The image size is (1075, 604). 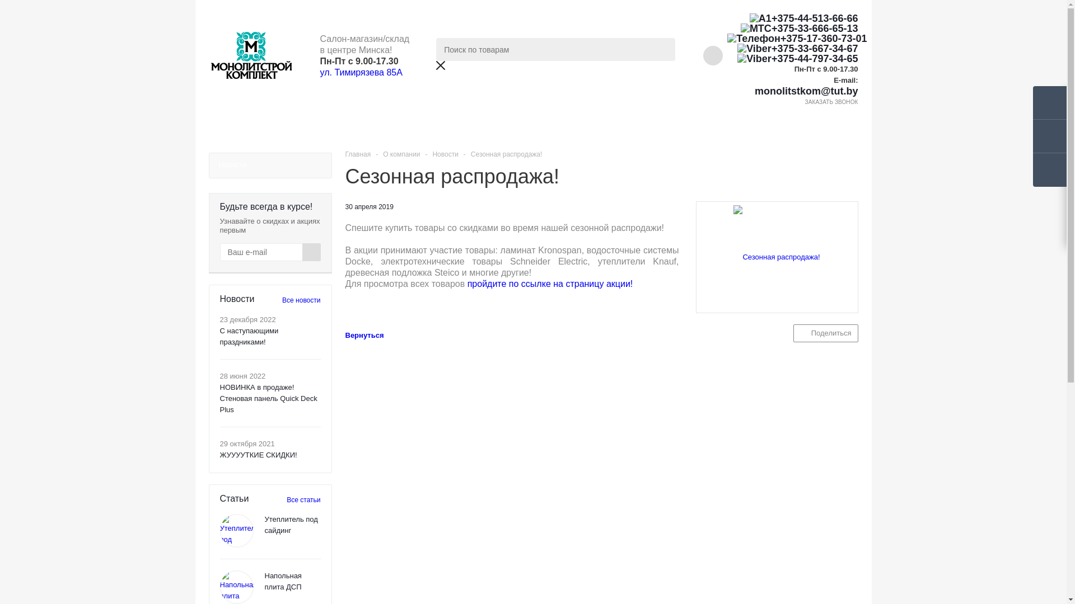 What do you see at coordinates (754, 48) in the screenshot?
I see `'Viber'` at bounding box center [754, 48].